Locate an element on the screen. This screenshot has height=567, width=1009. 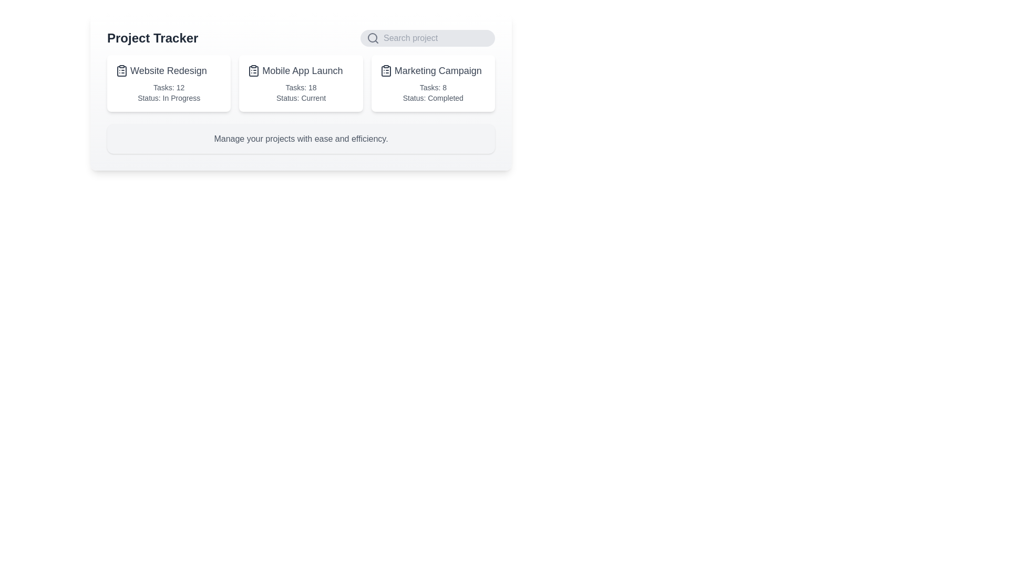
the text label displaying the status of an item, which reads 'Status: In Progress', located below the 'Tasks: 12' text within the 'Website Redesign' card is located at coordinates (169, 98).